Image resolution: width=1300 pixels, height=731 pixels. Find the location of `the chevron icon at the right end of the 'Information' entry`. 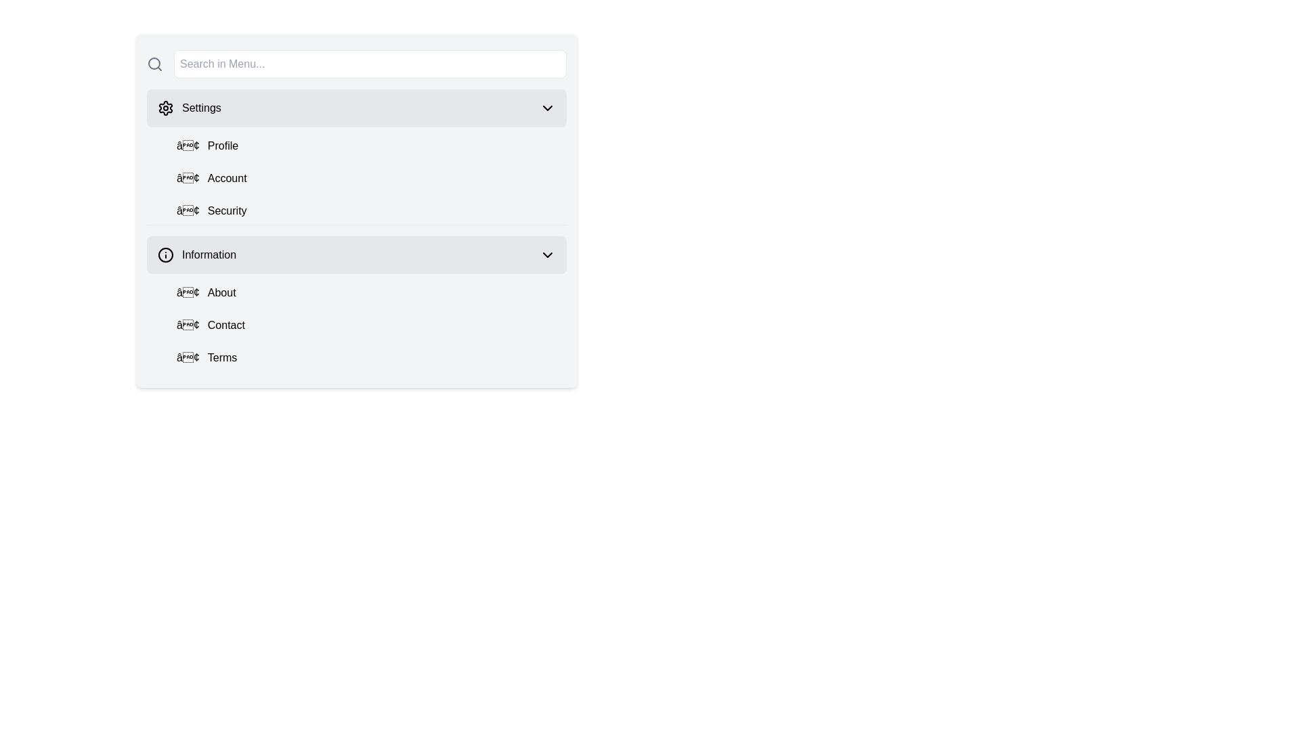

the chevron icon at the right end of the 'Information' entry is located at coordinates (548, 255).